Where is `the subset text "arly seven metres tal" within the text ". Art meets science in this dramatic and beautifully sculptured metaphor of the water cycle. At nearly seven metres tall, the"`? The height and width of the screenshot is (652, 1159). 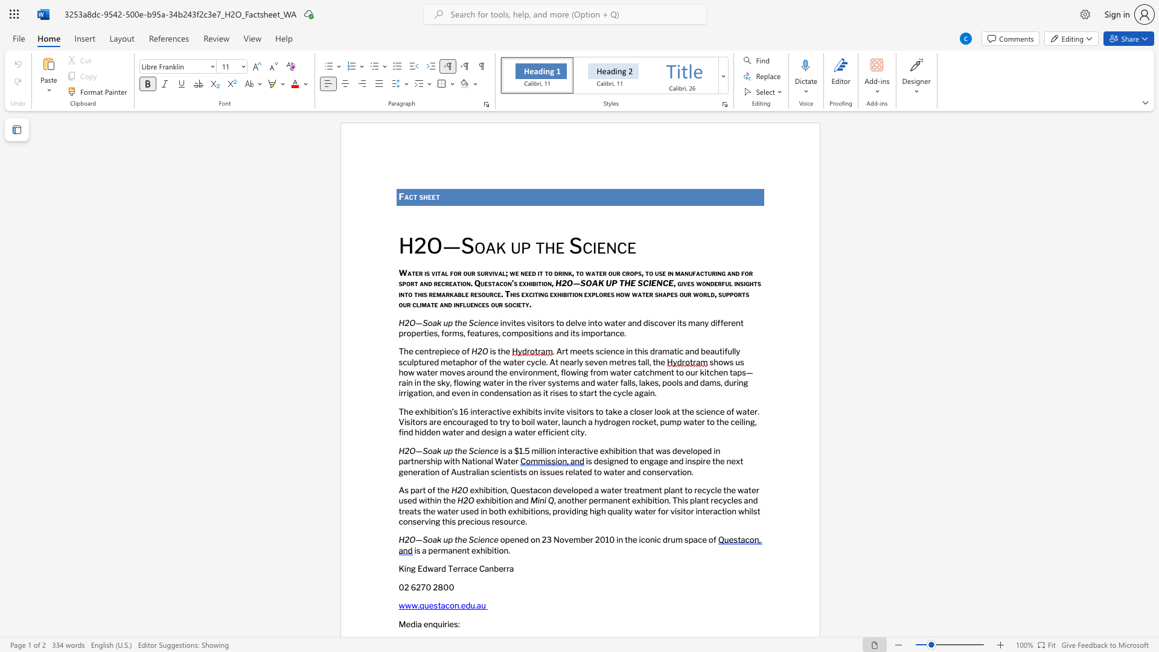
the subset text "arly seven metres tal" within the text ". Art meets science in this dramatic and beautifully sculptured metaphor of the water cycle. At nearly seven metres tall, the" is located at coordinates (569, 361).